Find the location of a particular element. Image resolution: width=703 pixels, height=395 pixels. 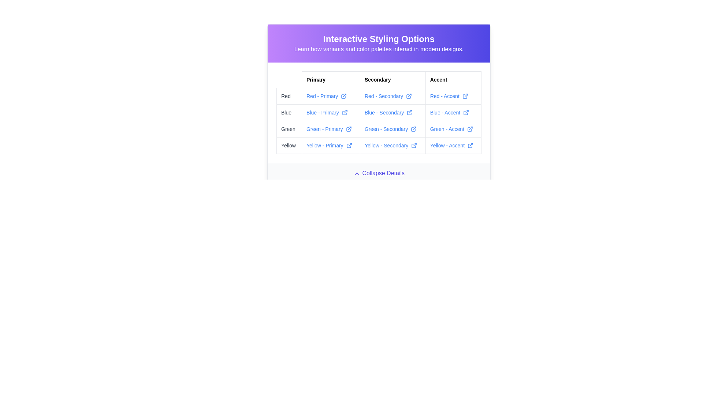

the bold blue text hyperlink saying 'Red - Primary' located in the first row and second column of the table under the 'Primary' column header is located at coordinates (326, 95).